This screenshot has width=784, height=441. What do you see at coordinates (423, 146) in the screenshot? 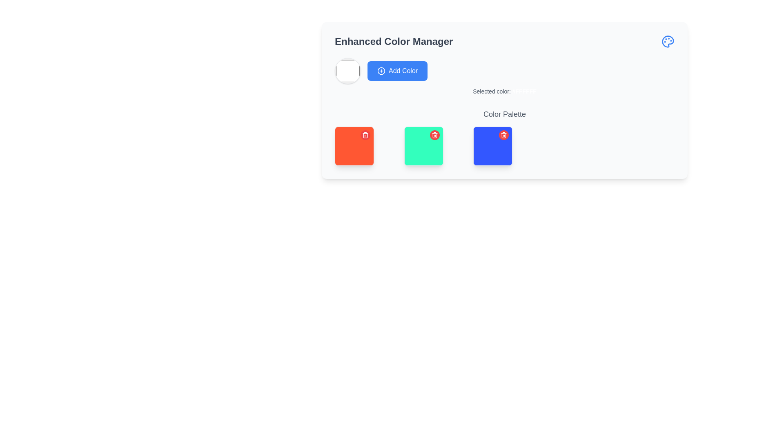
I see `the interactive color tile with a remove button` at bounding box center [423, 146].